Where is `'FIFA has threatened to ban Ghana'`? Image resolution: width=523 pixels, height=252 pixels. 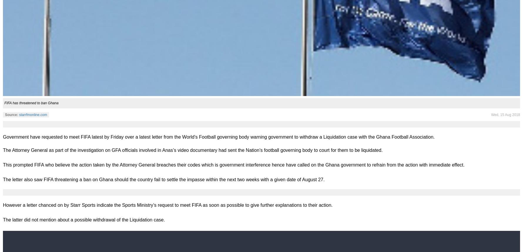
'FIFA has threatened to ban Ghana' is located at coordinates (4, 103).